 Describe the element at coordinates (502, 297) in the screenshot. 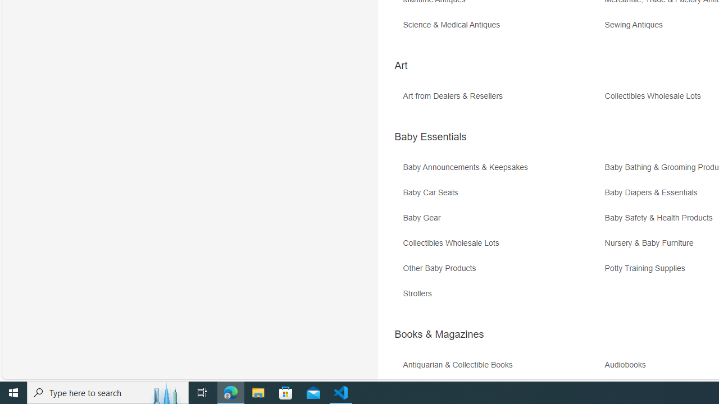

I see `'Strollers'` at that location.